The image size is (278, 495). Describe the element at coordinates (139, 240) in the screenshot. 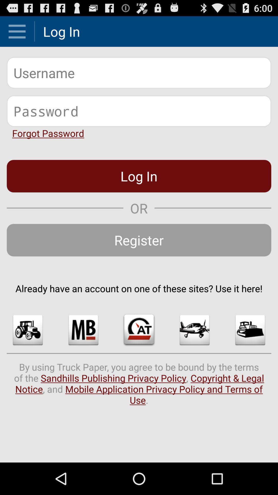

I see `the icon above already have an app` at that location.